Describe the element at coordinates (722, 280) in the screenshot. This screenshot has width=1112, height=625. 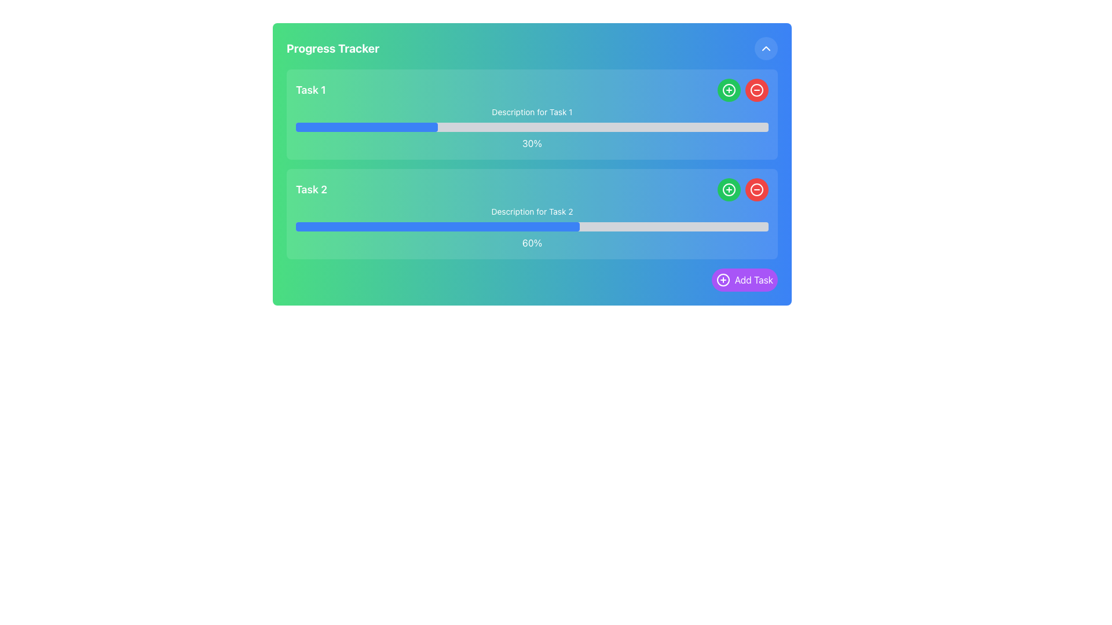
I see `the circular icon with a plus sign inside the 'Add Task' button located at the bottom-right corner` at that location.